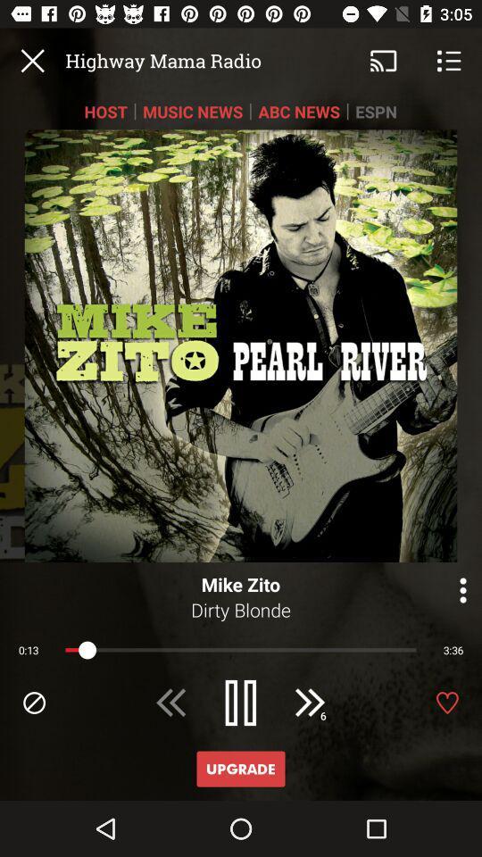 Image resolution: width=482 pixels, height=857 pixels. I want to click on the close icon, so click(32, 61).